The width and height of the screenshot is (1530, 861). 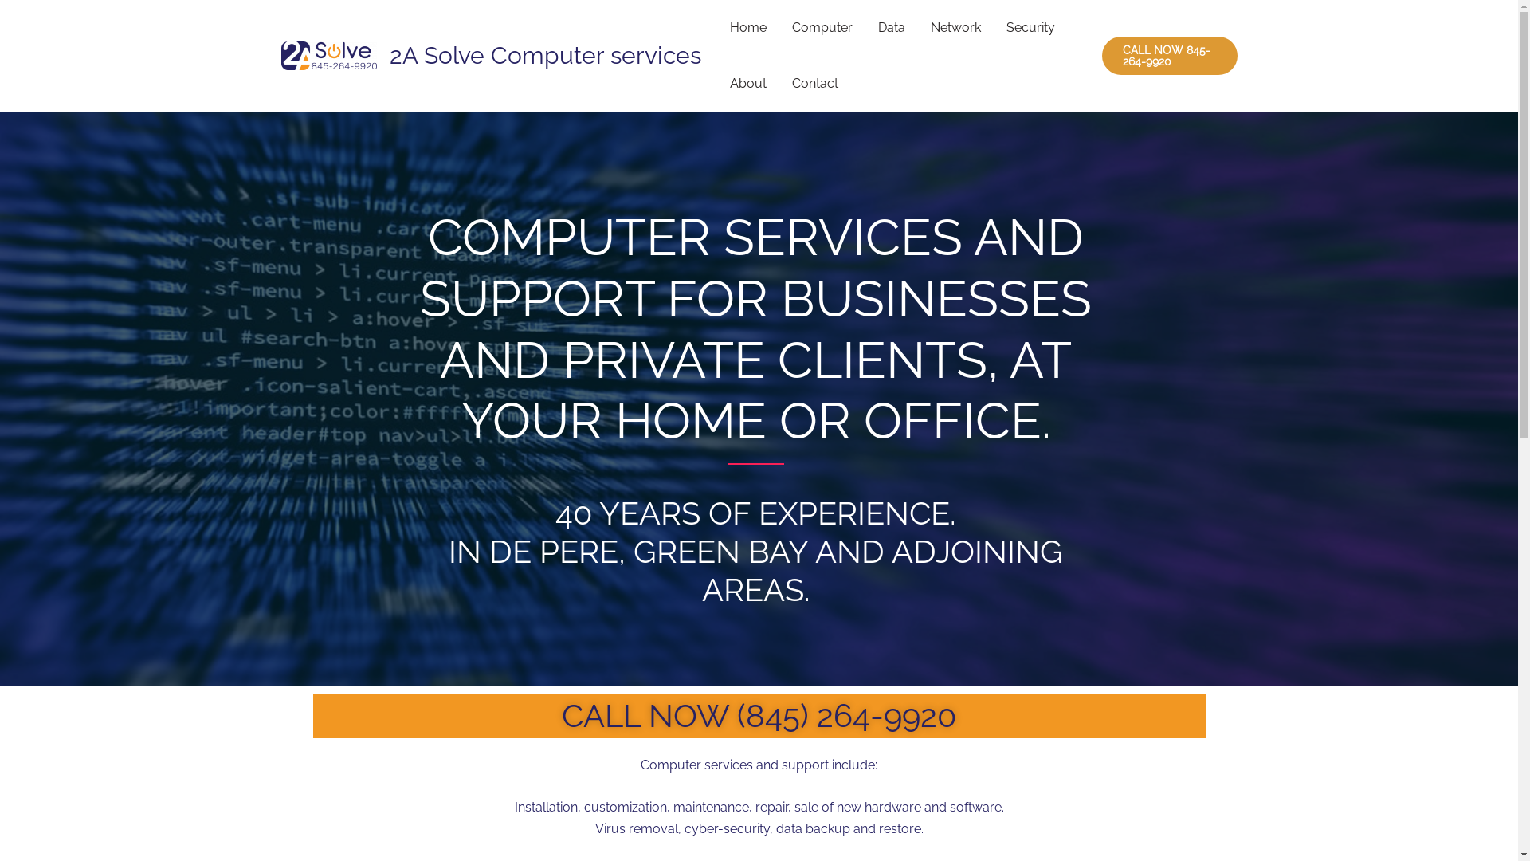 What do you see at coordinates (955, 27) in the screenshot?
I see `'Network'` at bounding box center [955, 27].